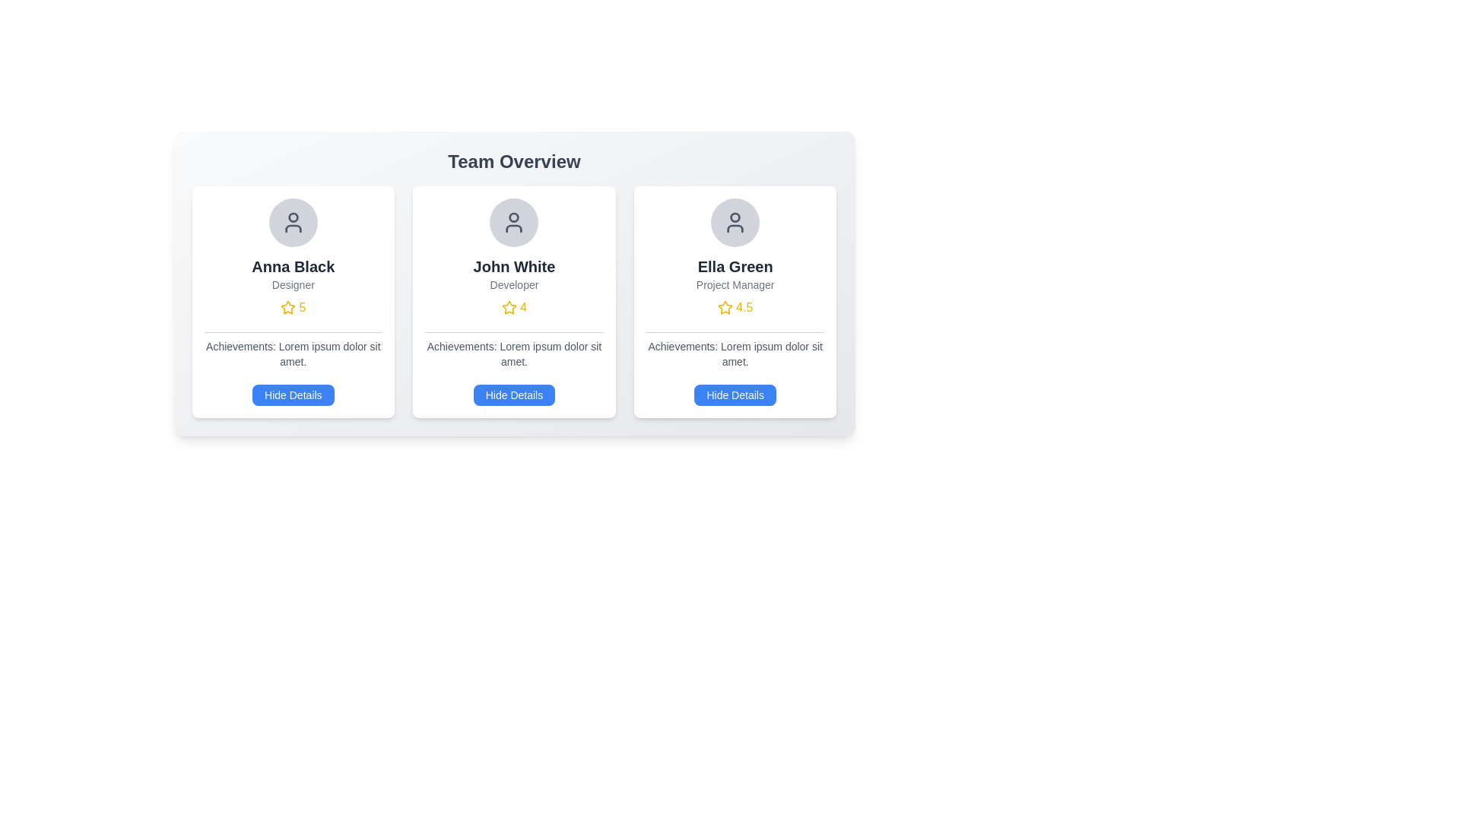 Image resolution: width=1460 pixels, height=821 pixels. Describe the element at coordinates (293, 223) in the screenshot. I see `the profile avatar icon for Anna Black, which is located at the top of the first card in a three-card layout` at that location.